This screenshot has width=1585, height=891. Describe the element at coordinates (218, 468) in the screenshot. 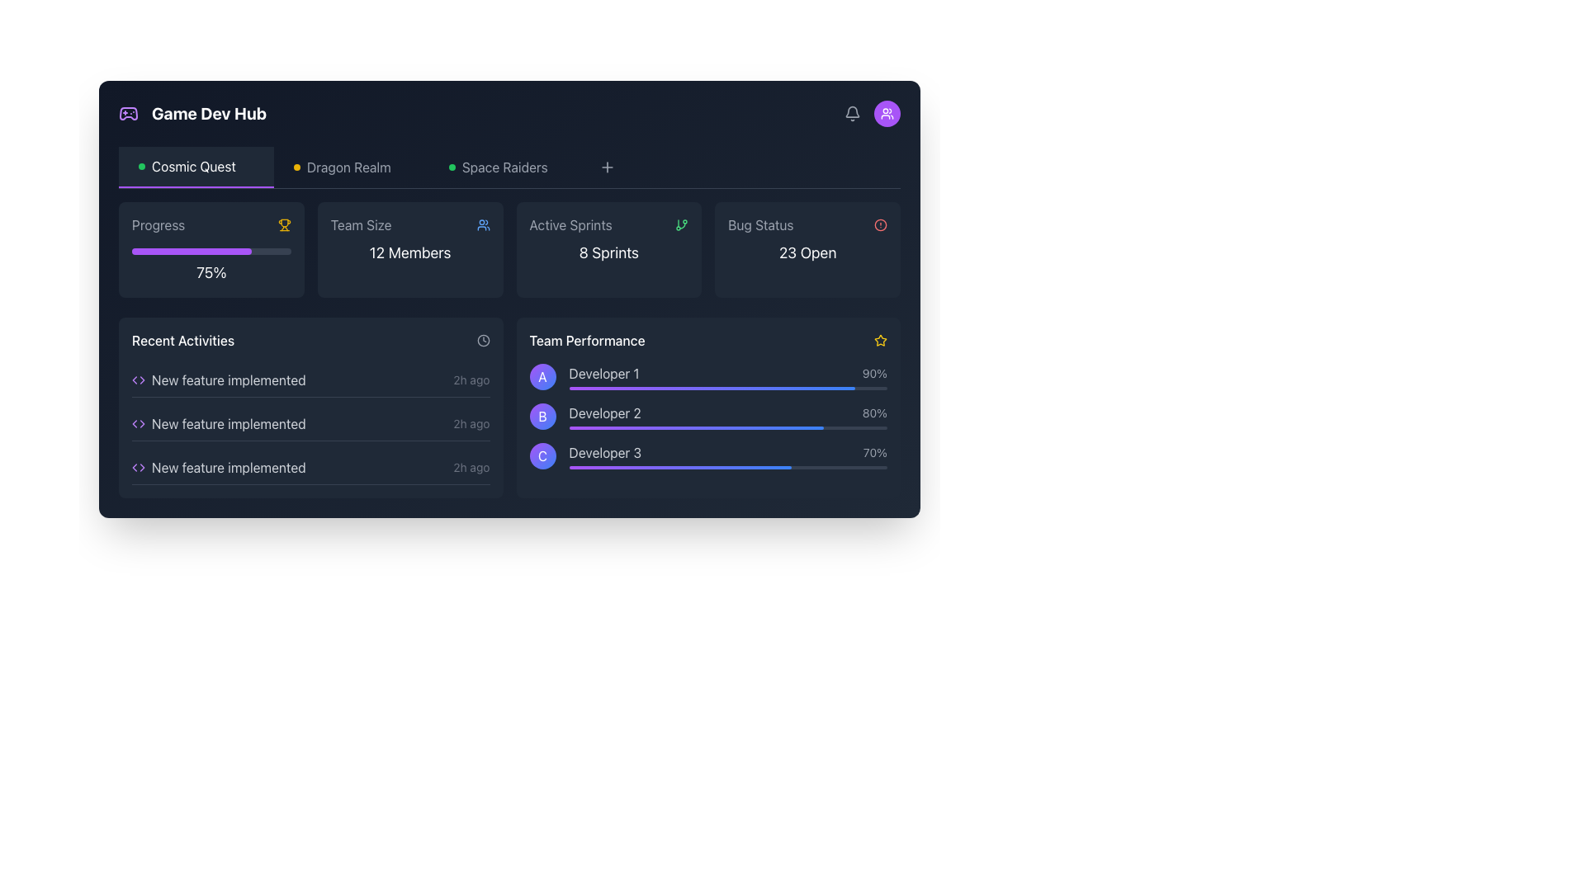

I see `the static text label and decorative icon displaying 'New feature implemented' in the 'Recent Activities' list` at that location.